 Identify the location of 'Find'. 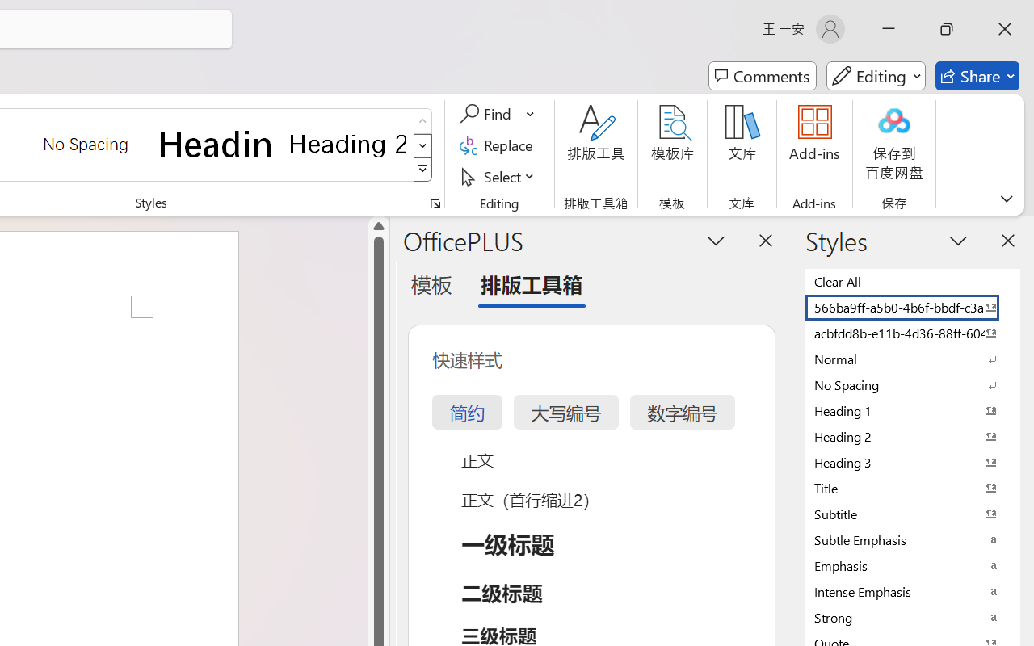
(487, 114).